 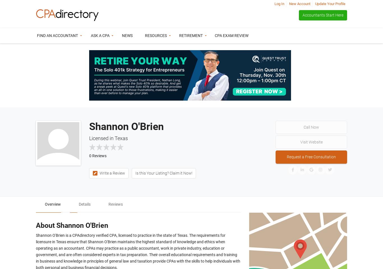 I want to click on 'Accountants Start Here', so click(x=302, y=15).